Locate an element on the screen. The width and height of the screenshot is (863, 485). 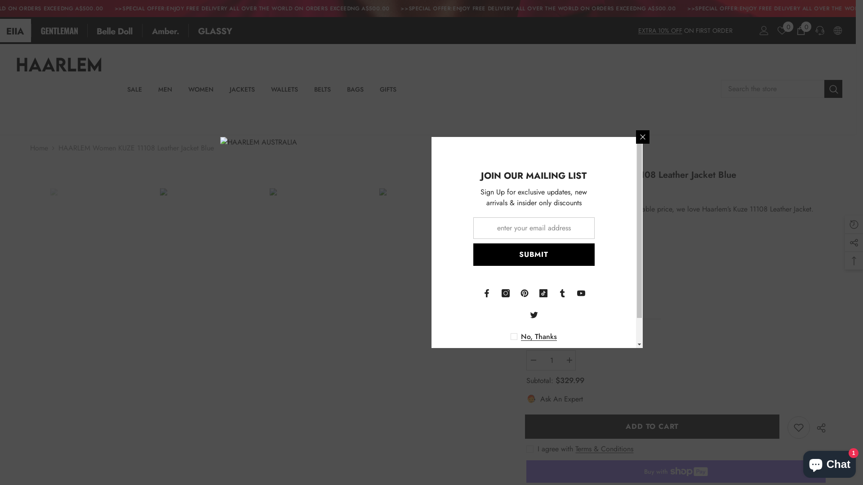
'0' is located at coordinates (777, 30).